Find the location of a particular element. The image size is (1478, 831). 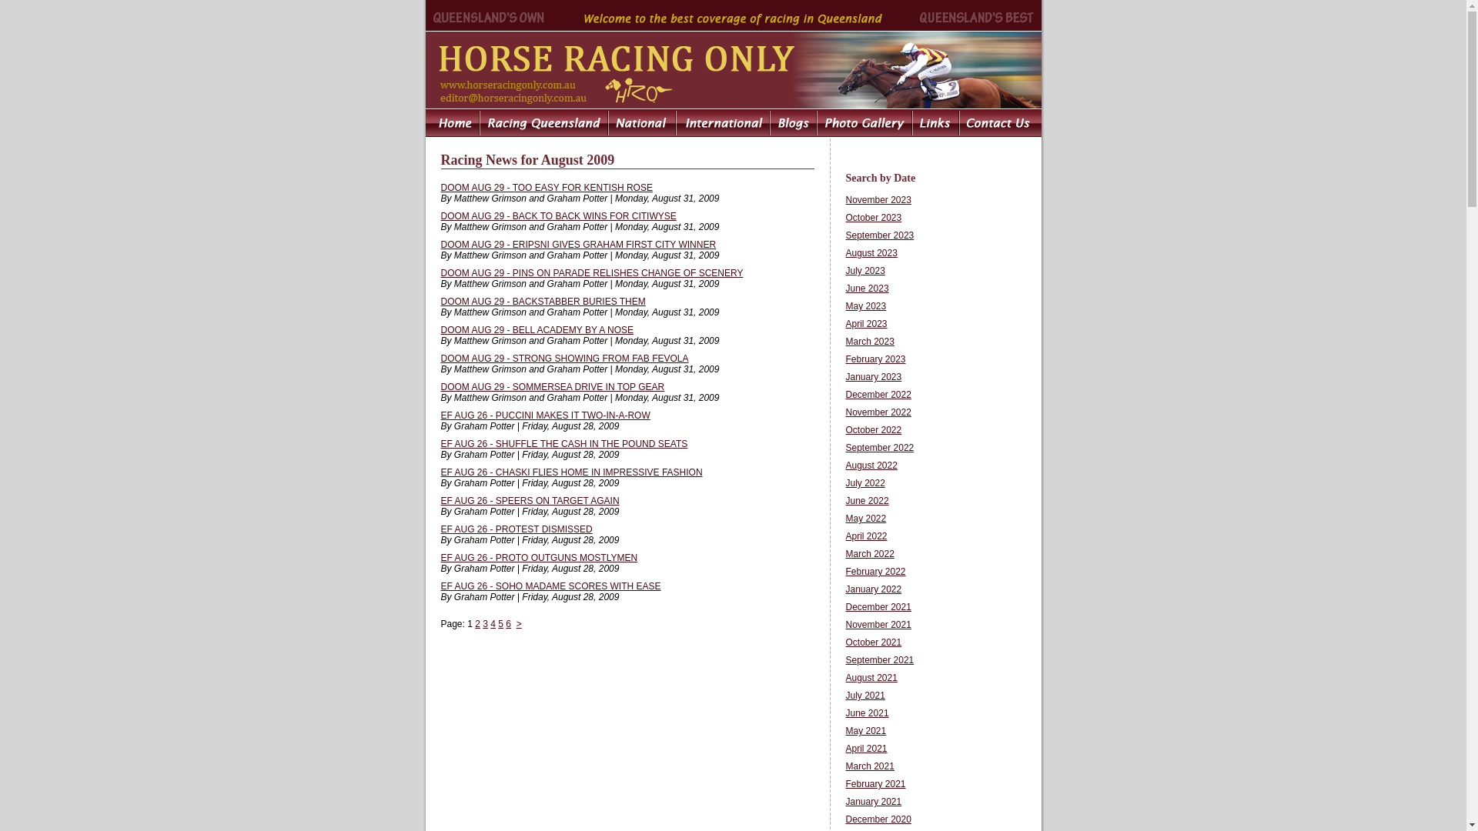

'EF AUG 26 - CHASKI FLIES HOME IN IMPRESSIVE FASHION' is located at coordinates (570, 471).